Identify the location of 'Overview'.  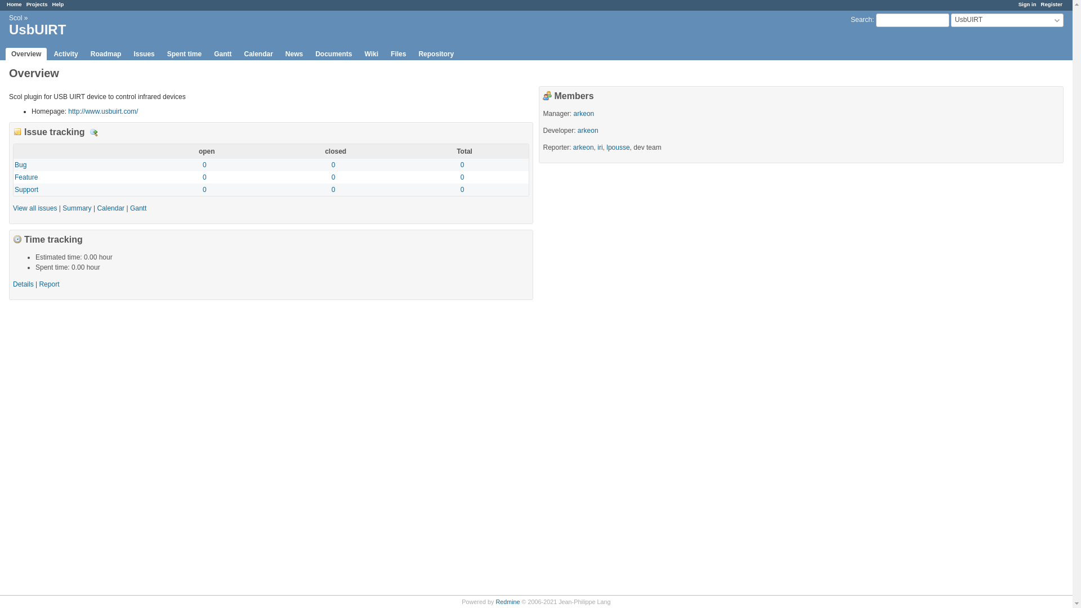
(5, 54).